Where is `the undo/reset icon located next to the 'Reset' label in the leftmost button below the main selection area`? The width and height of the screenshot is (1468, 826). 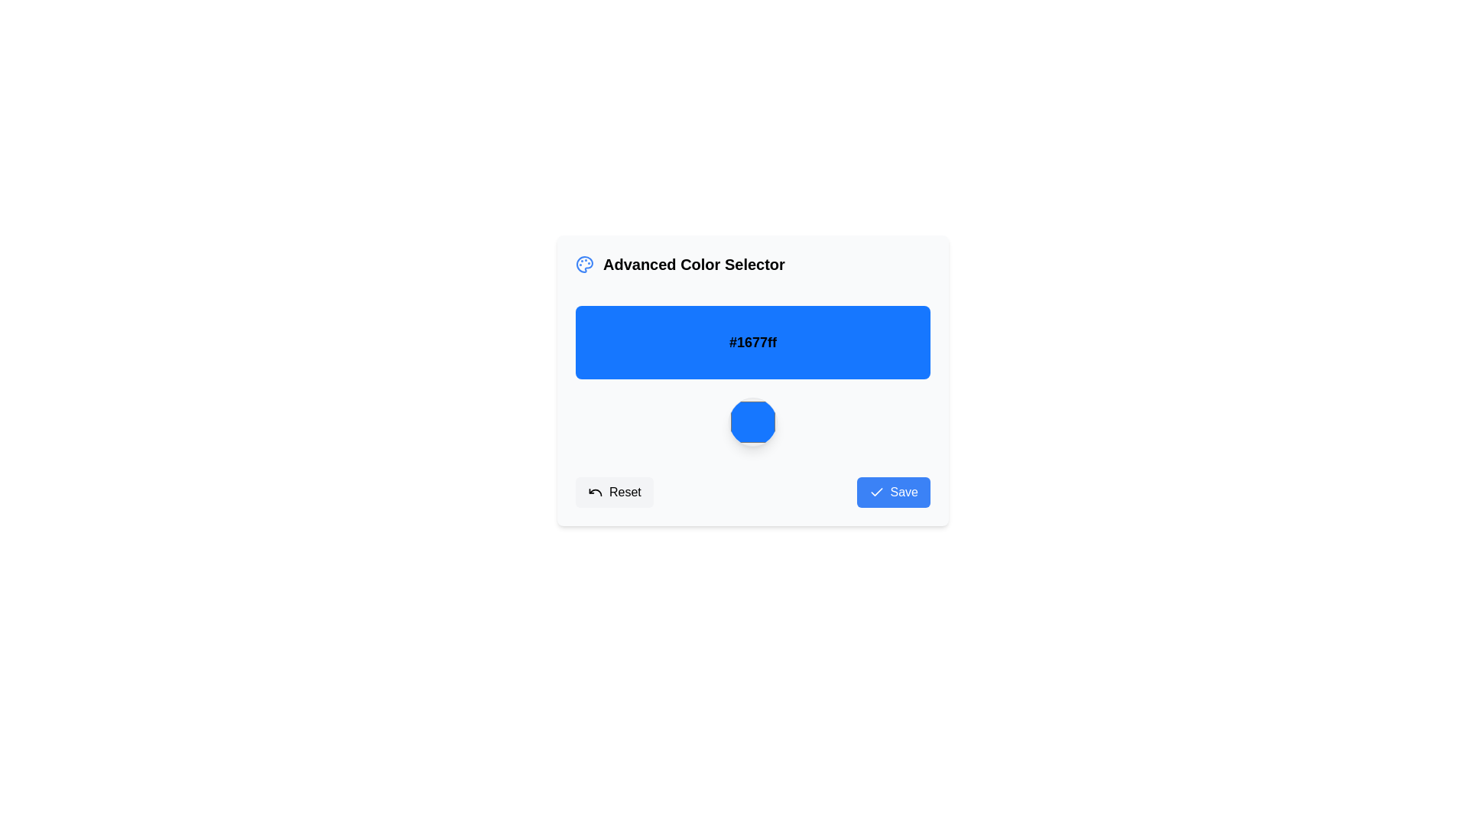
the undo/reset icon located next to the 'Reset' label in the leftmost button below the main selection area is located at coordinates (594, 493).